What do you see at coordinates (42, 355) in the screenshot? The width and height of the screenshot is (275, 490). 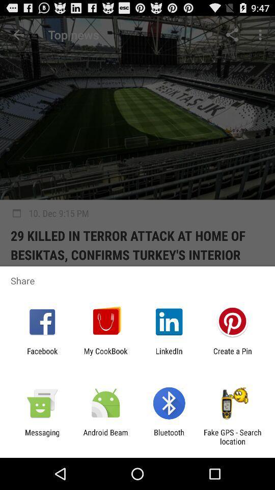 I see `the item next to my cookbook icon` at bounding box center [42, 355].